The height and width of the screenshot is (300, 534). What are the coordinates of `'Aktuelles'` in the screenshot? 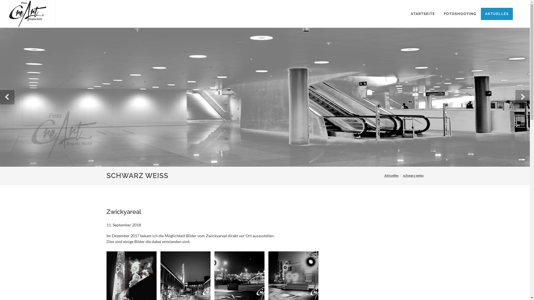 It's located at (391, 175).